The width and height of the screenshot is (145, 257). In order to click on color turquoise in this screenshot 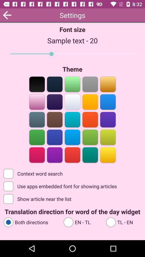, I will do `click(73, 119)`.